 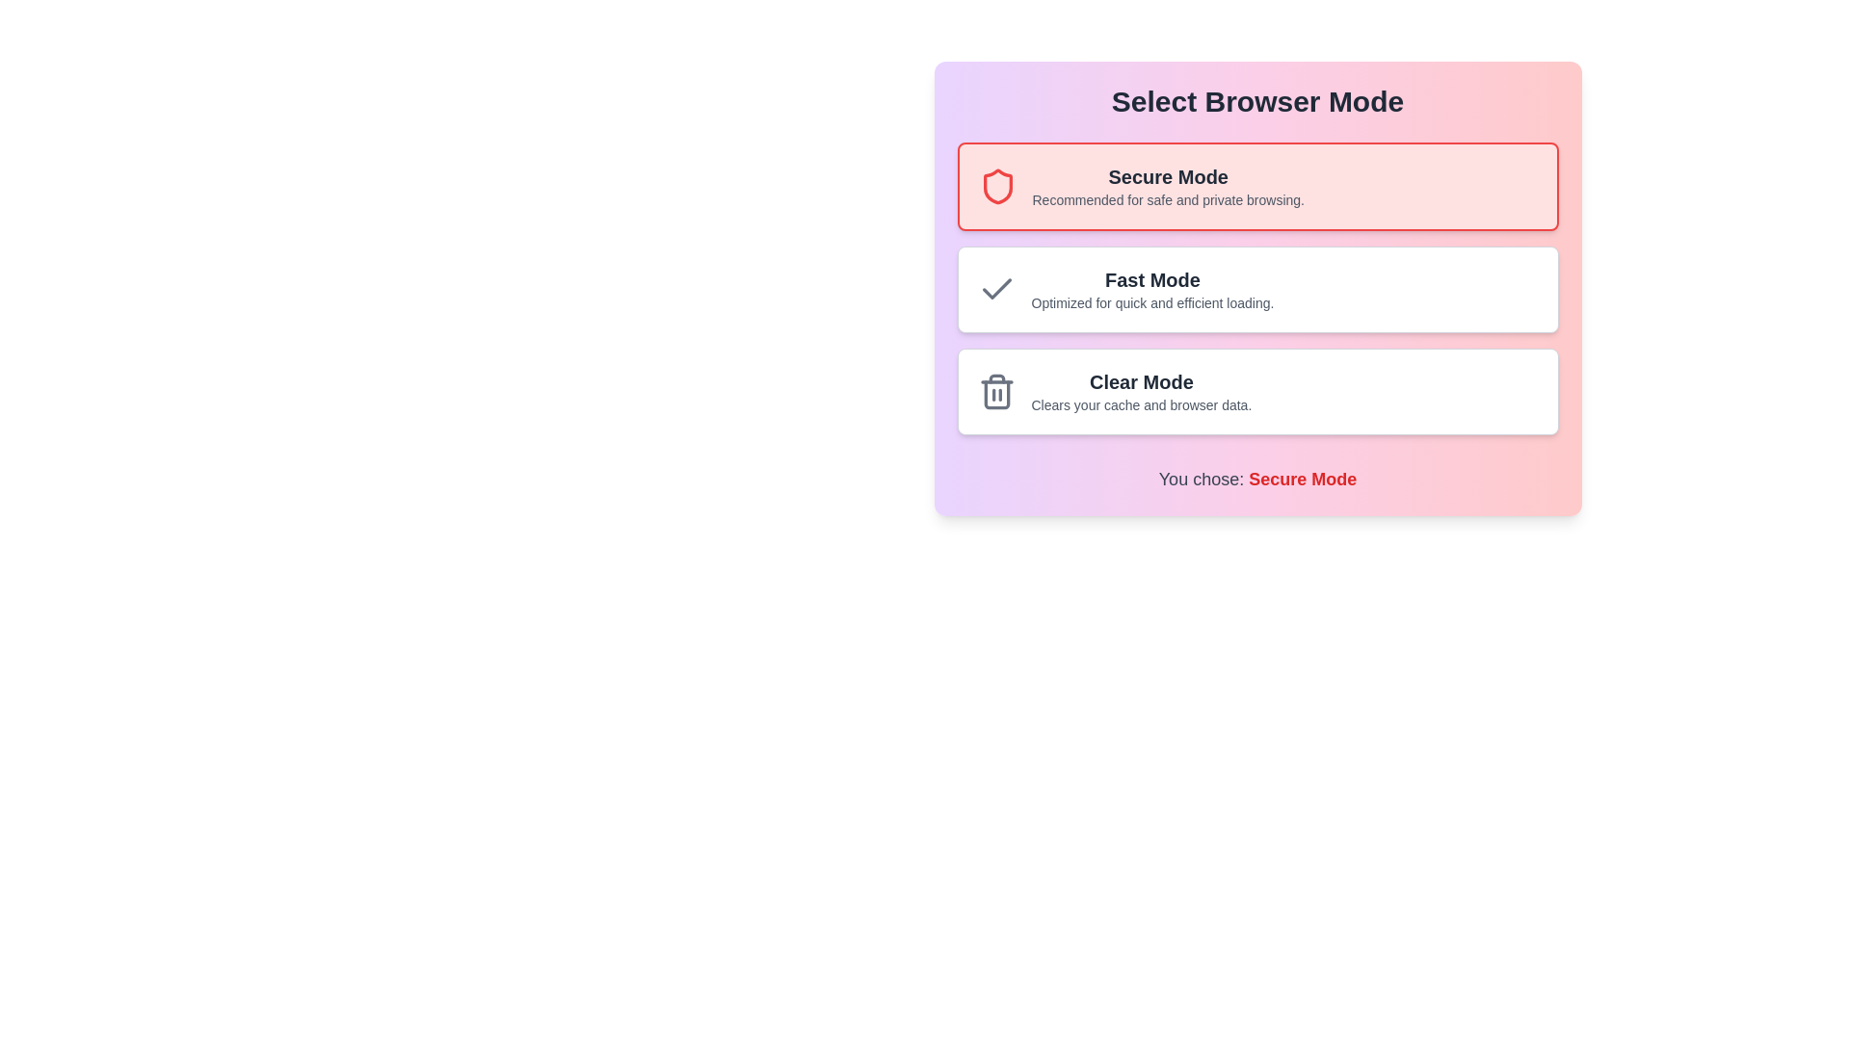 I want to click on the descriptive text that provides information about the 'Fast Mode' option, positioned directly below the title 'Fast Mode', so click(x=1152, y=303).